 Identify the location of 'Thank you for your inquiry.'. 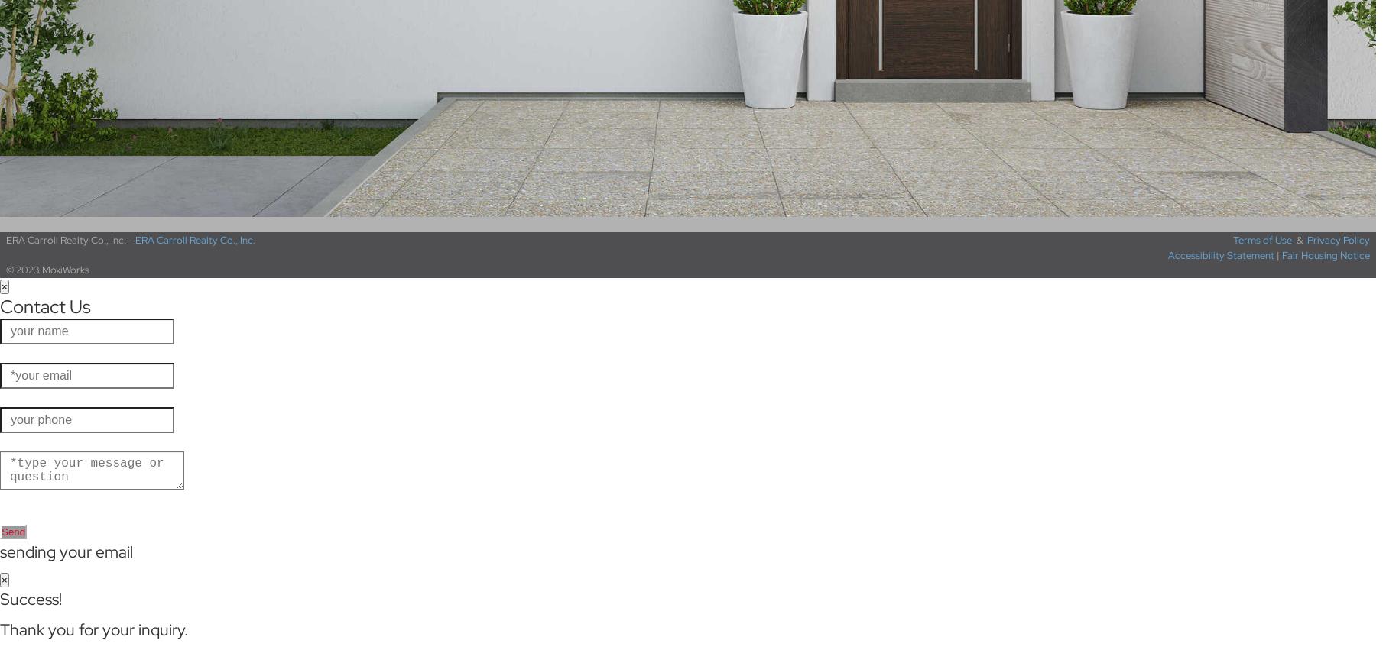
(93, 629).